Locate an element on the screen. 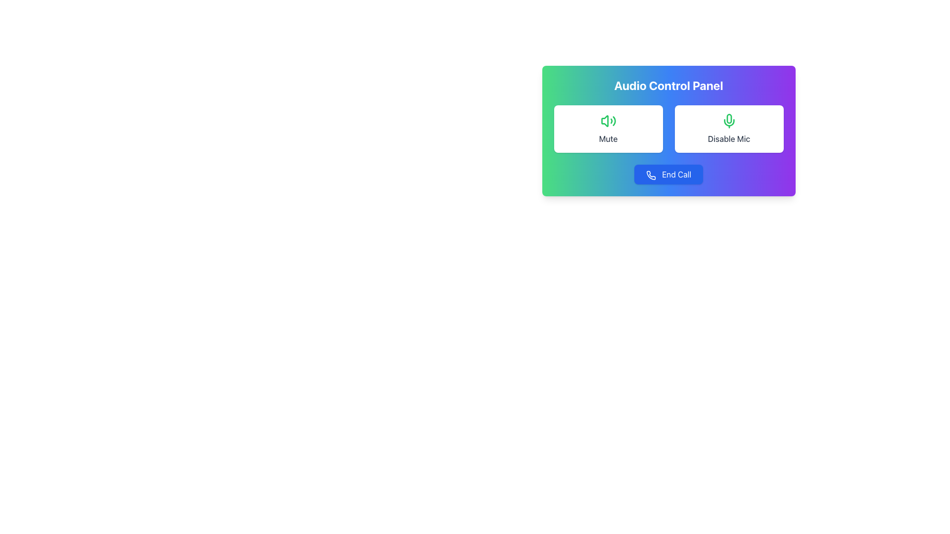 The height and width of the screenshot is (534, 950). the 'Disable Mic' text label located below the microphone icon in the 'Audio Control Panel' is located at coordinates (729, 139).